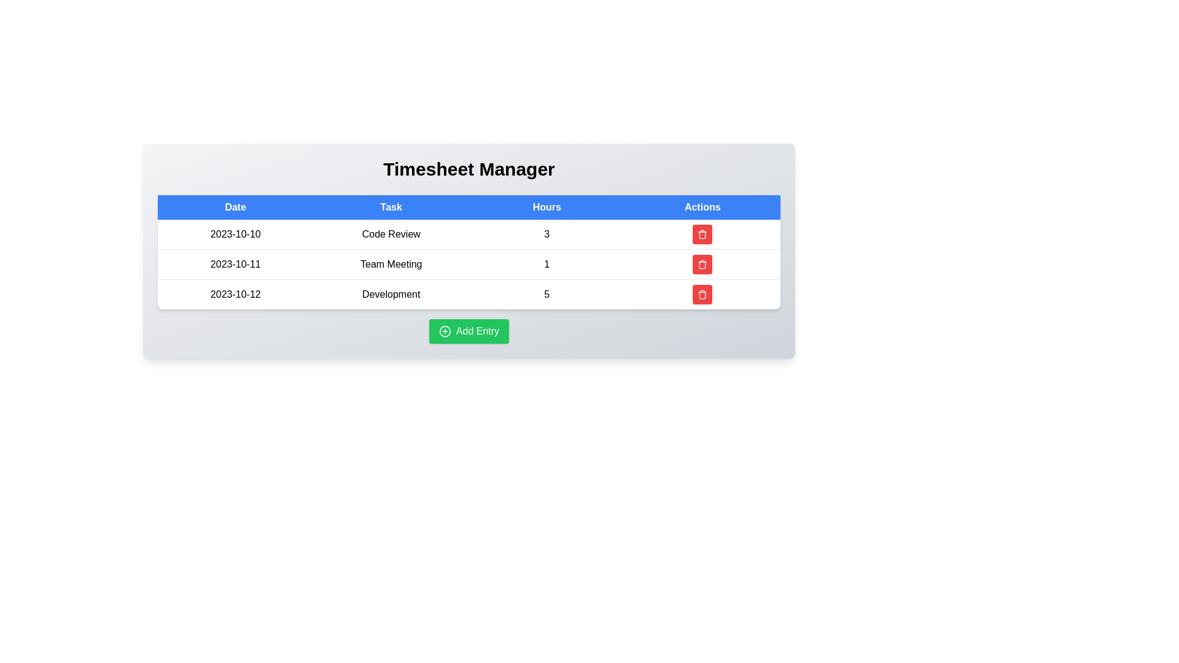 The image size is (1179, 663). I want to click on the table header that indicates the column containing task descriptions, located between the 'Date' and 'Hours' headers, so click(391, 207).